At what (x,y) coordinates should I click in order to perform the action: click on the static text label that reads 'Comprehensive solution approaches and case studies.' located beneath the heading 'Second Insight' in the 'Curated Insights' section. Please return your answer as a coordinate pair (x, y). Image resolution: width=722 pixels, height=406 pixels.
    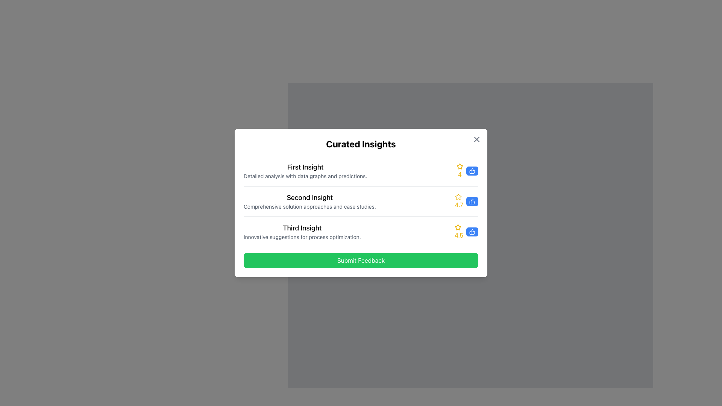
    Looking at the image, I should click on (309, 207).